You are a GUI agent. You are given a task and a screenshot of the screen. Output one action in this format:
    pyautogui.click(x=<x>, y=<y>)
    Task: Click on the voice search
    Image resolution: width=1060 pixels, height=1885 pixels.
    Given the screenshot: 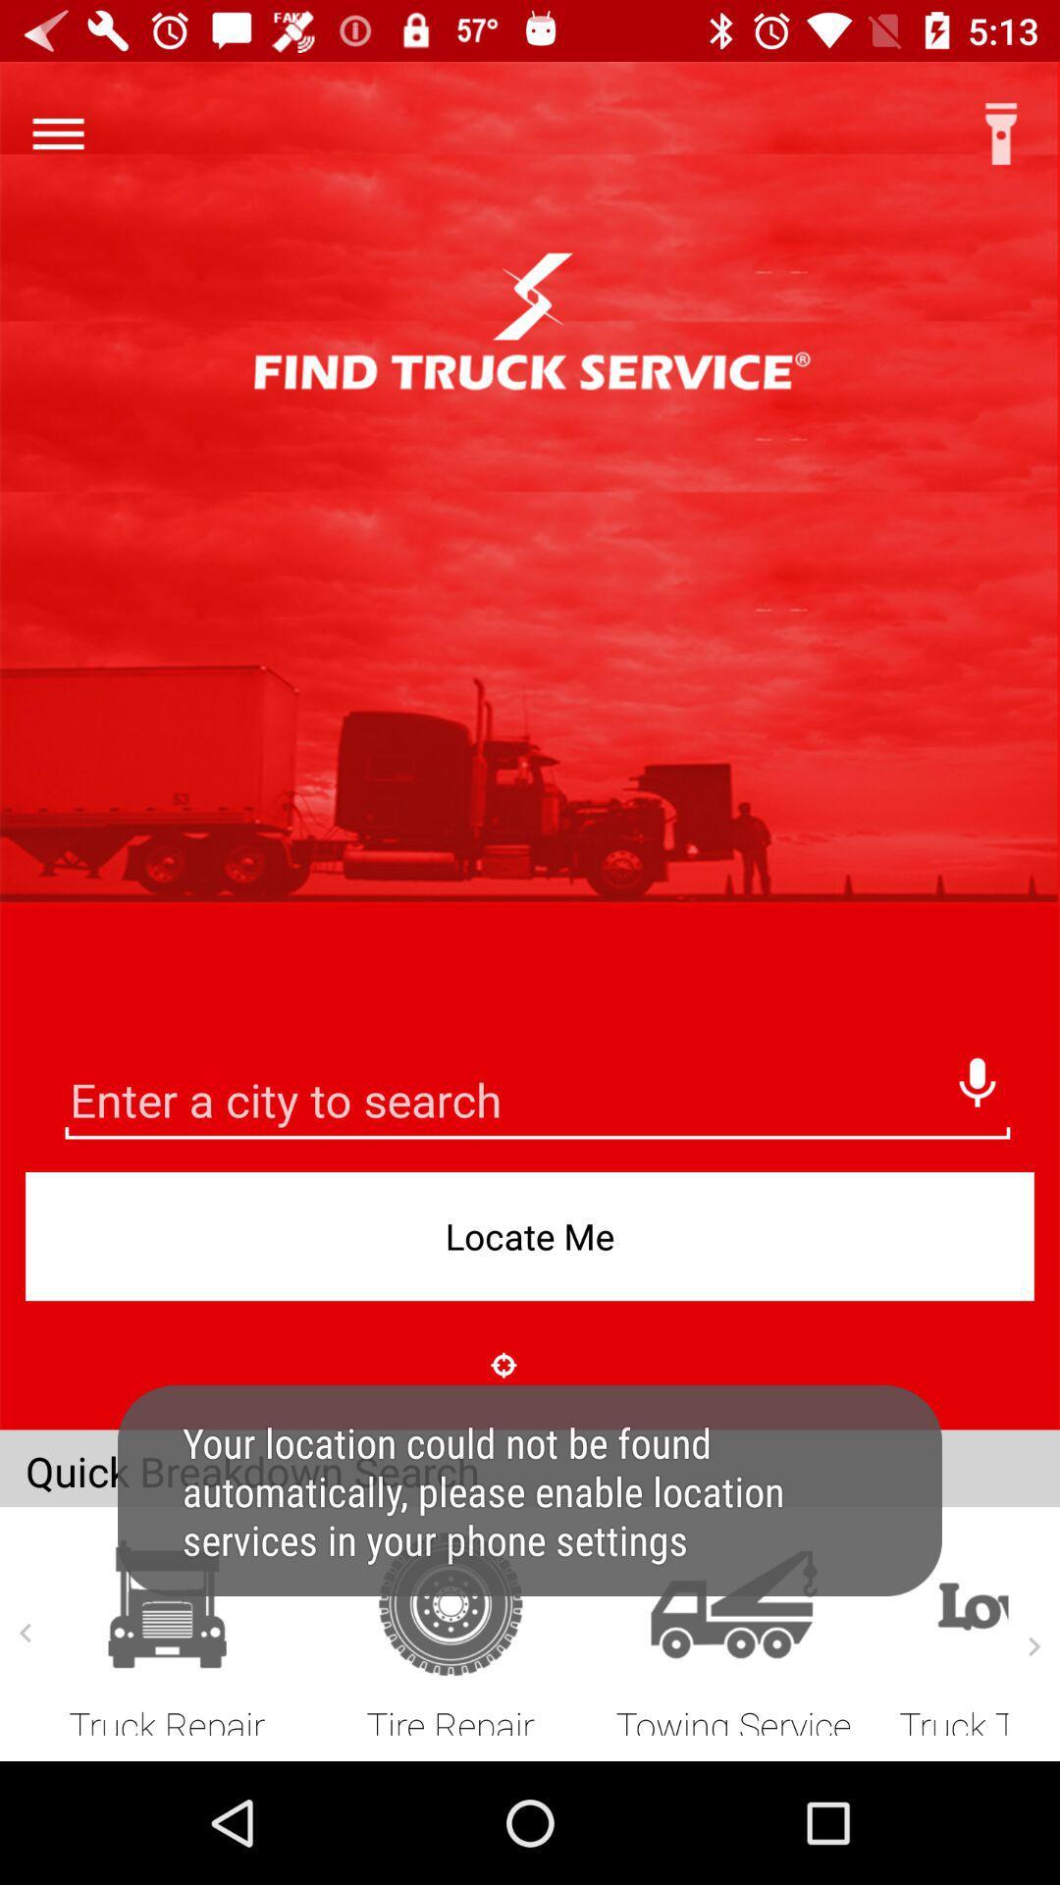 What is the action you would take?
    pyautogui.click(x=977, y=1076)
    